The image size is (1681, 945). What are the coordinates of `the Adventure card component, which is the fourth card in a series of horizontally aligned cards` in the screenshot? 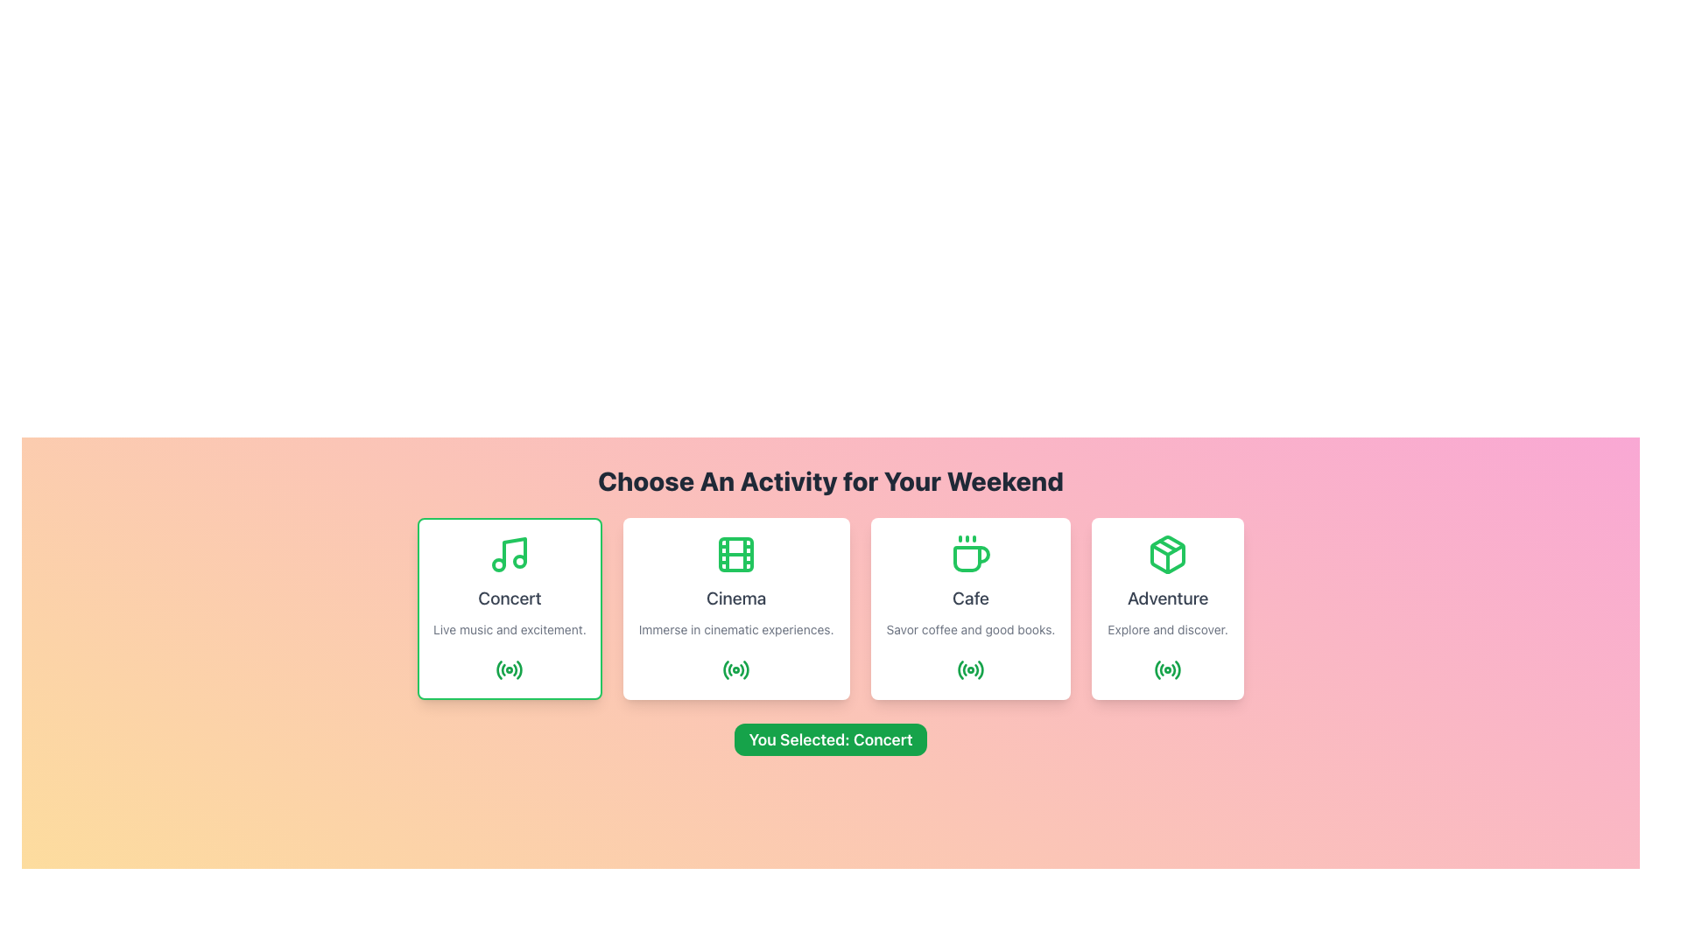 It's located at (1168, 607).